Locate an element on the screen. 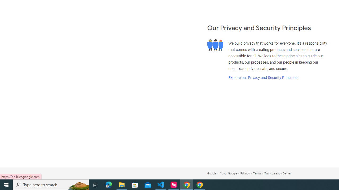 Image resolution: width=339 pixels, height=190 pixels. 'Transparency Center' is located at coordinates (277, 173).